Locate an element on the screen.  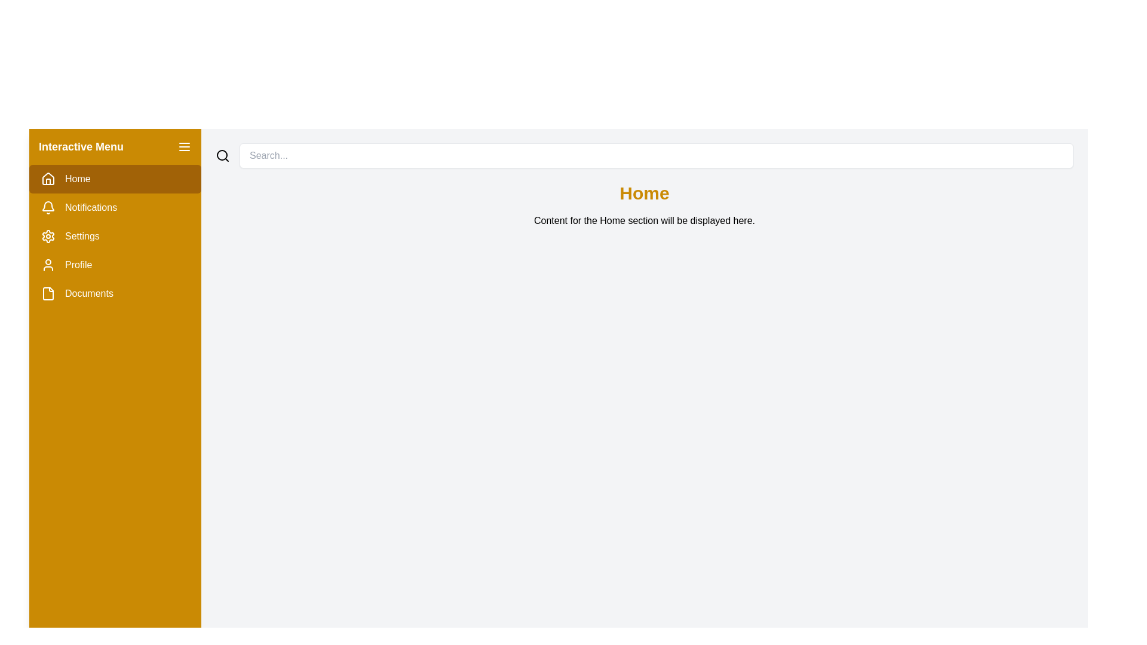
the search icon located at the top-right corner of the interface, positioned directly to the left of the search input field is located at coordinates (223, 155).